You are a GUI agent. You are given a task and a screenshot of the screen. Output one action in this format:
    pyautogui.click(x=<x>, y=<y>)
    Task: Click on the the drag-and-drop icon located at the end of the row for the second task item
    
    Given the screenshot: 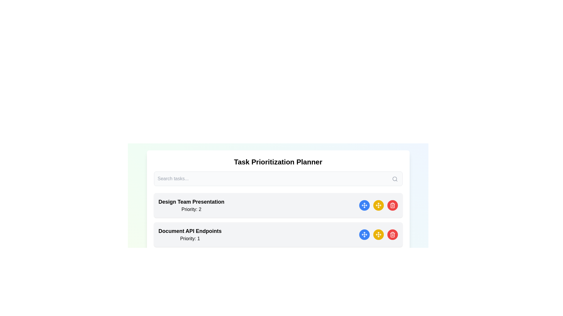 What is the action you would take?
    pyautogui.click(x=364, y=234)
    